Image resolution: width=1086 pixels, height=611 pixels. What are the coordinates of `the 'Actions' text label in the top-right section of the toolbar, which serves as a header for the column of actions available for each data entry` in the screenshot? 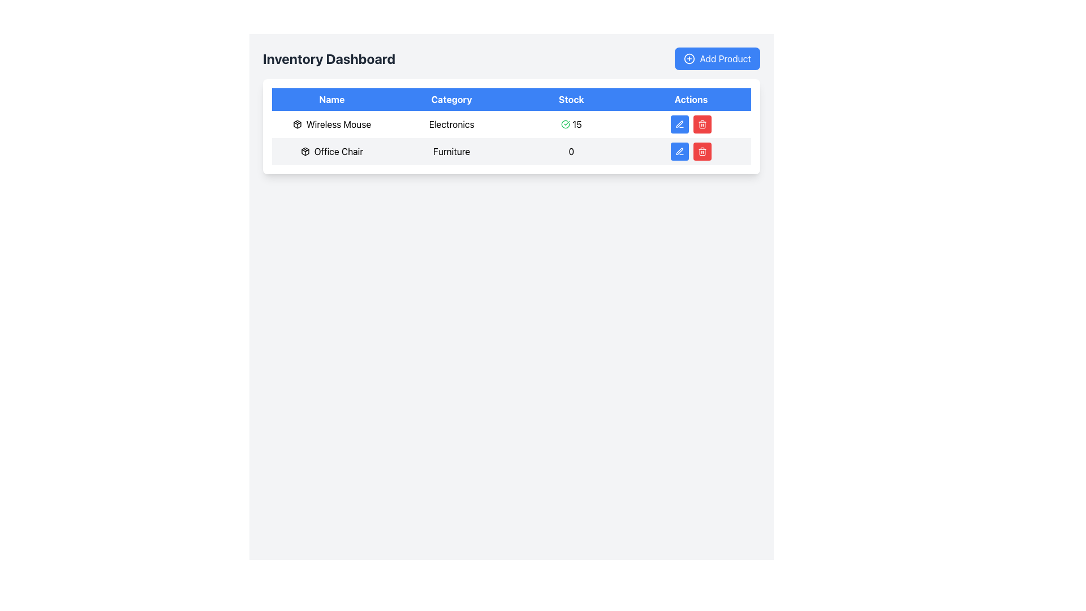 It's located at (691, 99).